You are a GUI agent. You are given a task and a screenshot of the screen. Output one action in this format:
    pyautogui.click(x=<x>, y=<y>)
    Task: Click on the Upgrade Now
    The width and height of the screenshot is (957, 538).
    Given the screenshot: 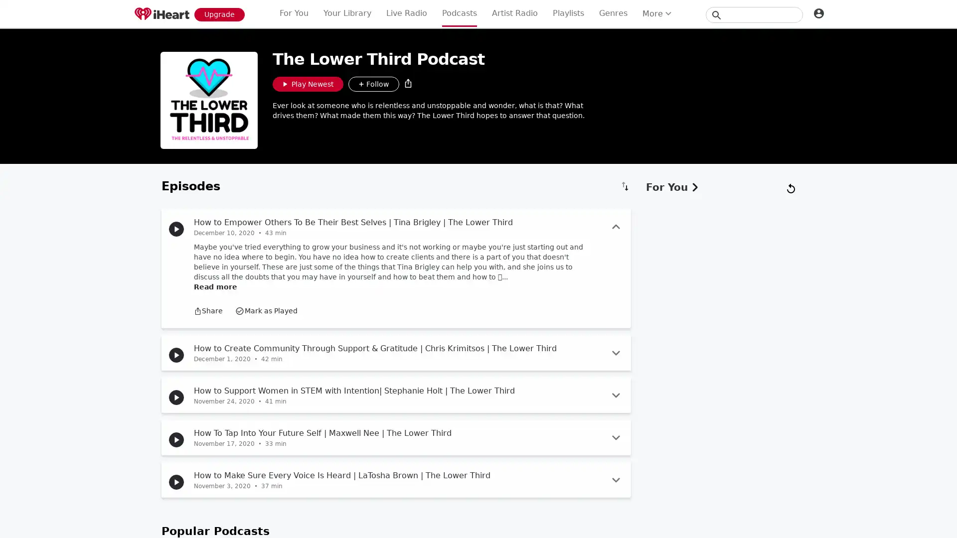 What is the action you would take?
    pyautogui.click(x=219, y=14)
    